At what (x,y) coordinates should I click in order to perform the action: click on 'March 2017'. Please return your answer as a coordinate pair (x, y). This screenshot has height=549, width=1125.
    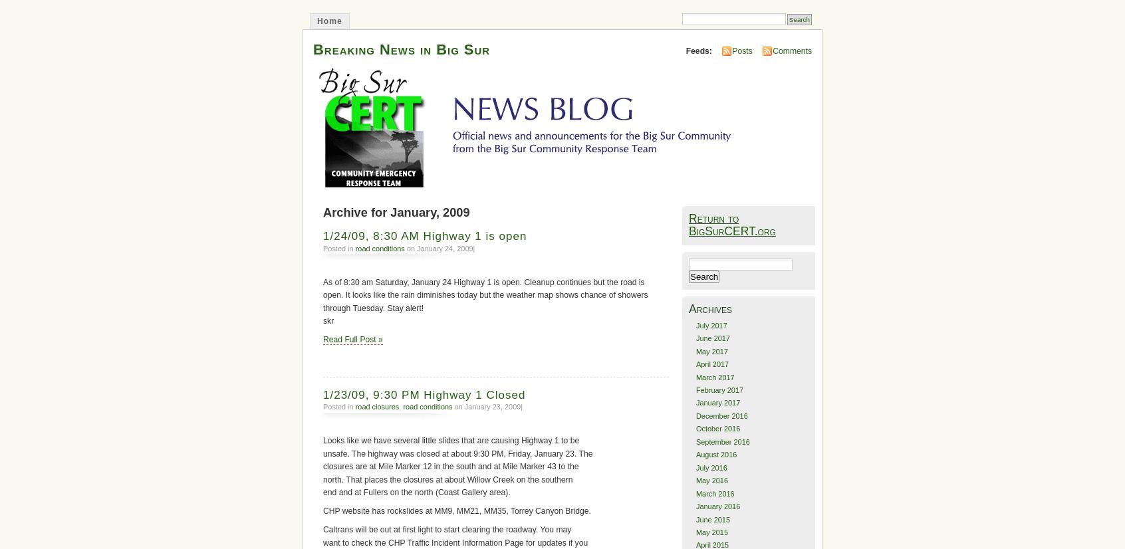
    Looking at the image, I should click on (694, 376).